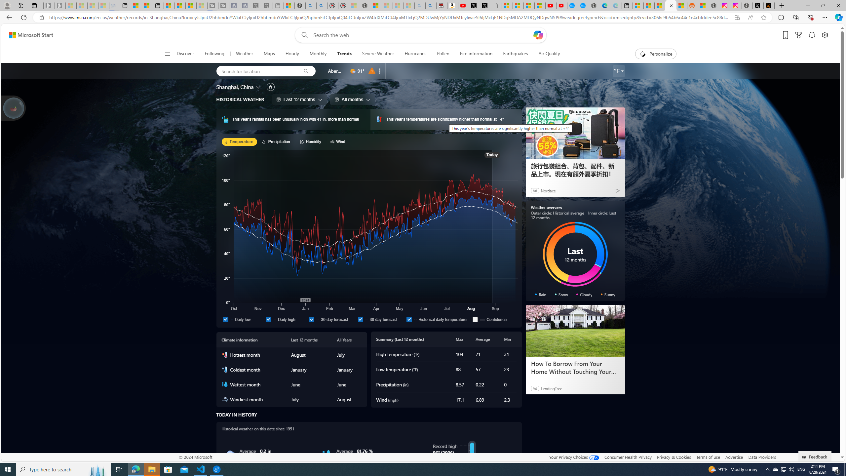  I want to click on 'Daily low', so click(242, 319).